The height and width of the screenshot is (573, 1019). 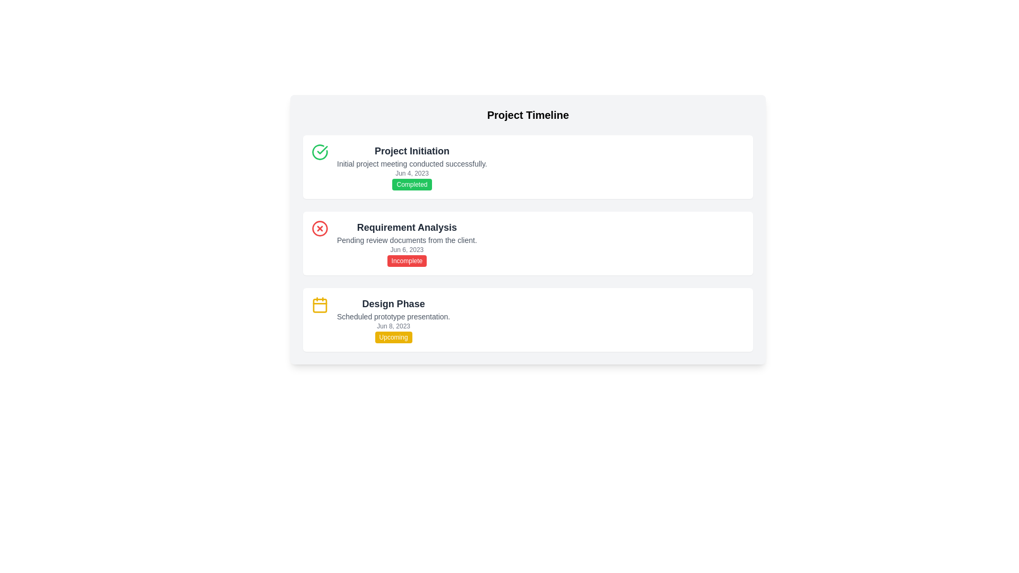 I want to click on the Informational card that displays 'Design Phase' in bold, with the date 'Jun 8, 2023' and a yellow badge saying 'Upcoming', so click(x=393, y=319).